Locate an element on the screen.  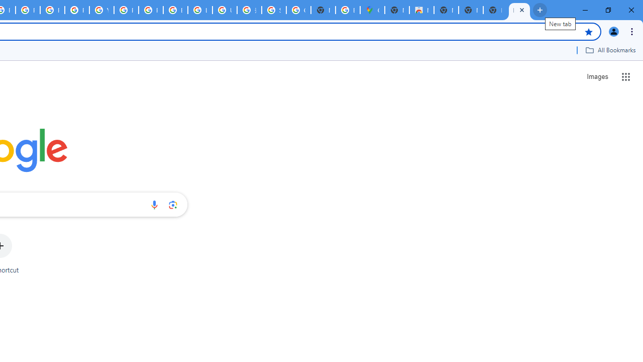
'YouTube' is located at coordinates (101, 10).